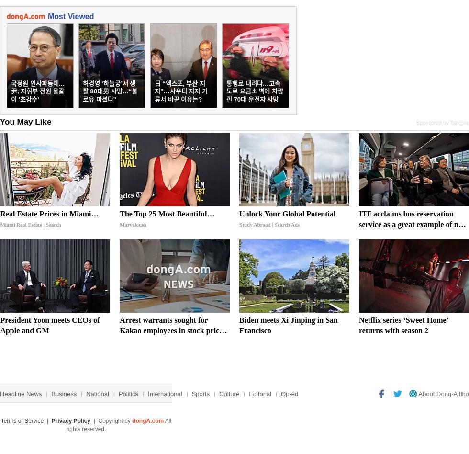  Describe the element at coordinates (147, 394) in the screenshot. I see `'International'` at that location.